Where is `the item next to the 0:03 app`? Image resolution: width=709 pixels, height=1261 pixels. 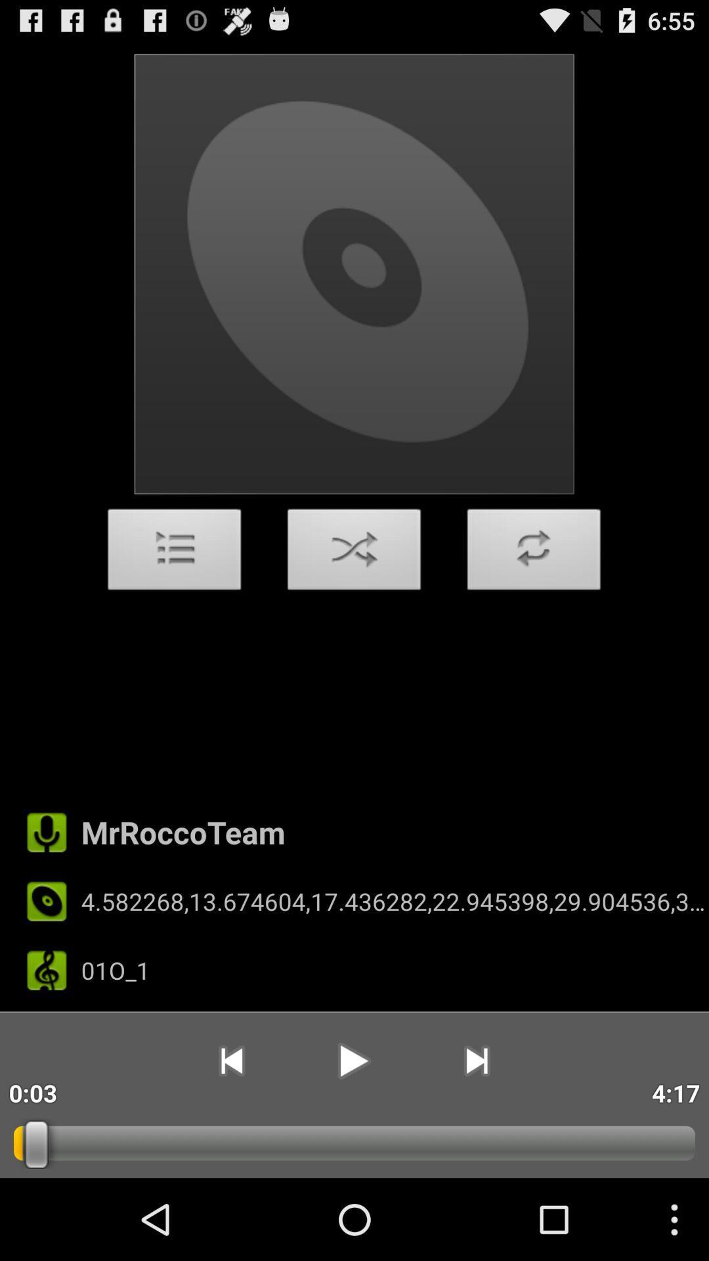 the item next to the 0:03 app is located at coordinates (230, 1061).